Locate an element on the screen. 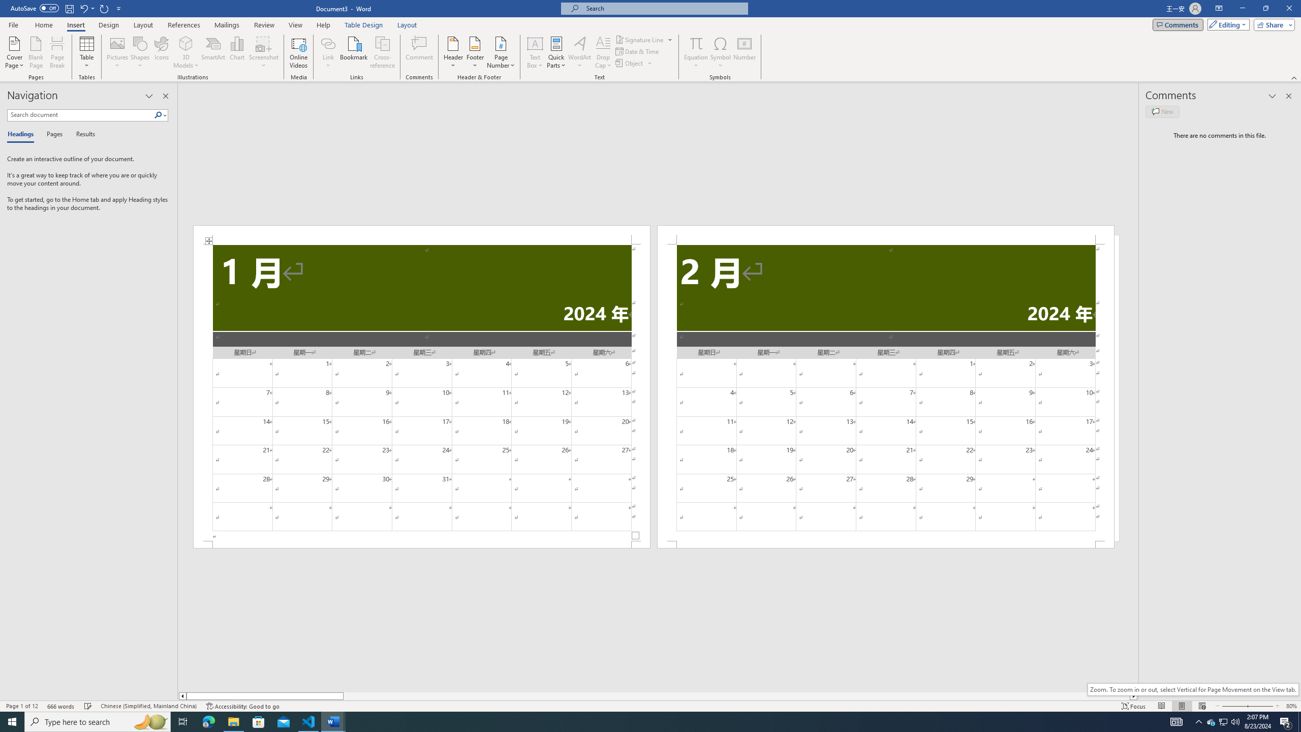 Image resolution: width=1301 pixels, height=732 pixels. 'Page Number Page 1 of 12' is located at coordinates (21, 706).